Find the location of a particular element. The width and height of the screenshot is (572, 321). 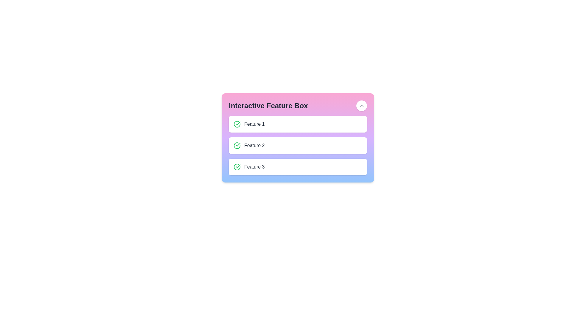

the text label displaying 'Feature 1' which is located to the right of a green checkmark icon in the 'Interactive Feature Box' is located at coordinates (254, 124).